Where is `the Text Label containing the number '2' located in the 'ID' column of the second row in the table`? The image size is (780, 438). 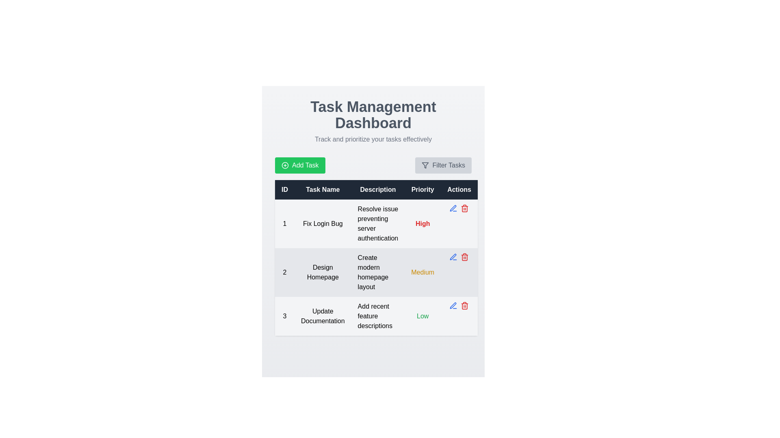 the Text Label containing the number '2' located in the 'ID' column of the second row in the table is located at coordinates (284, 272).